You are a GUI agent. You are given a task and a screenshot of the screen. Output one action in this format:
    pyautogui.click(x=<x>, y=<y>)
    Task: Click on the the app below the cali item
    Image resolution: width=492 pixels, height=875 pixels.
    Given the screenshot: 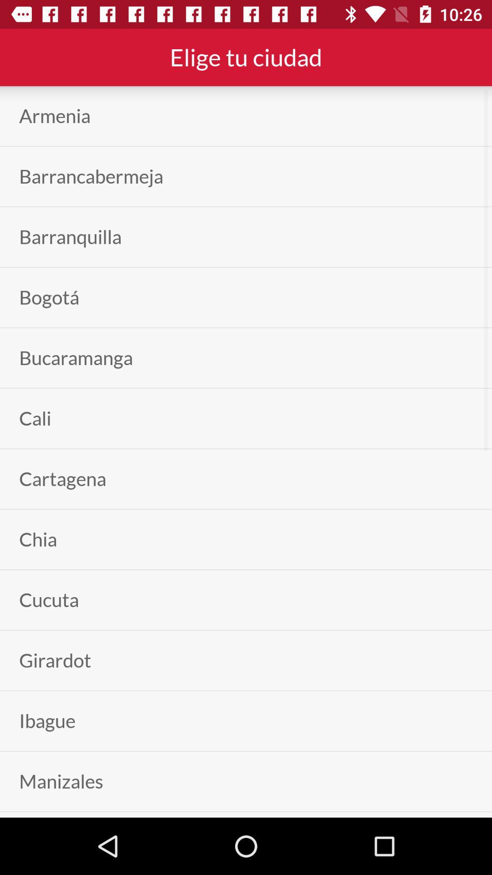 What is the action you would take?
    pyautogui.click(x=62, y=479)
    